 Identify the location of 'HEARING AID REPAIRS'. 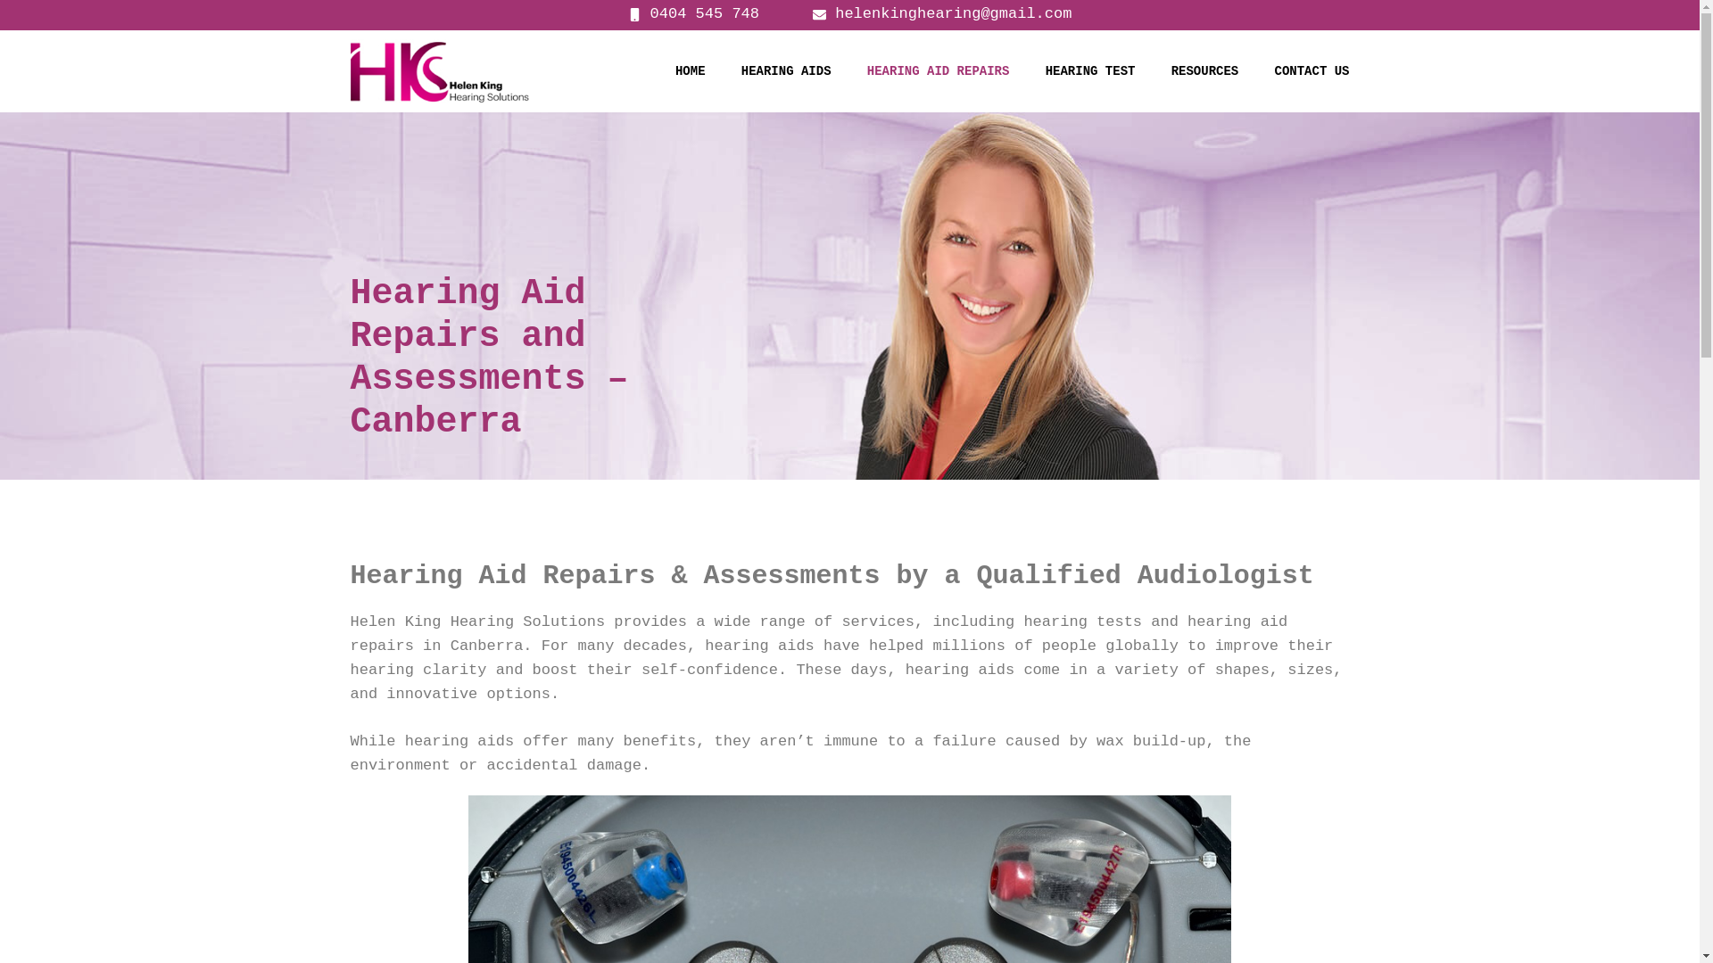
(937, 70).